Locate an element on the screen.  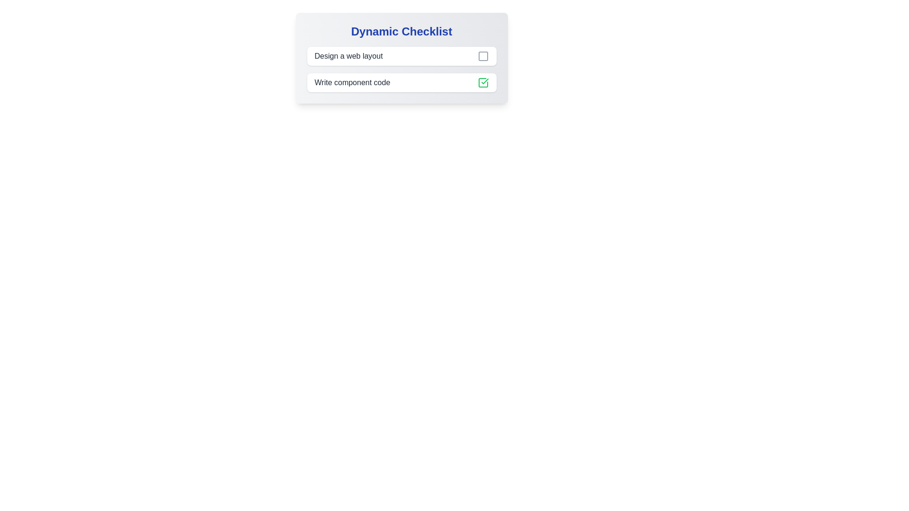
the Checkmark Icon in the Square Box located in the second task row titled 'Write component code' within the checklist is located at coordinates (484, 81).